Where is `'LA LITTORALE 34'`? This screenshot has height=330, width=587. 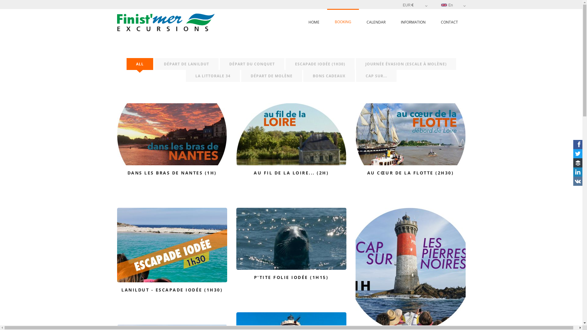 'LA LITTORALE 34' is located at coordinates (213, 75).